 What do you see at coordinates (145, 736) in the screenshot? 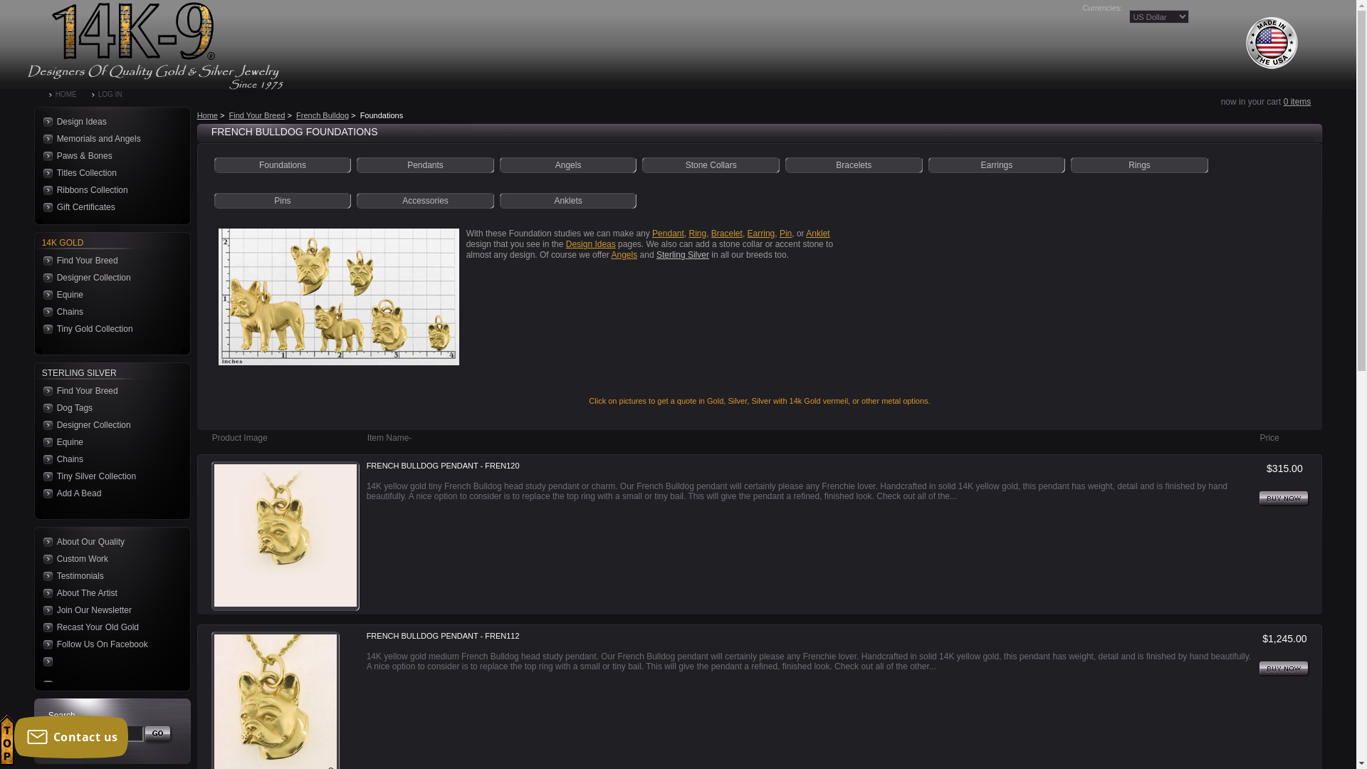
I see `' Search '` at bounding box center [145, 736].